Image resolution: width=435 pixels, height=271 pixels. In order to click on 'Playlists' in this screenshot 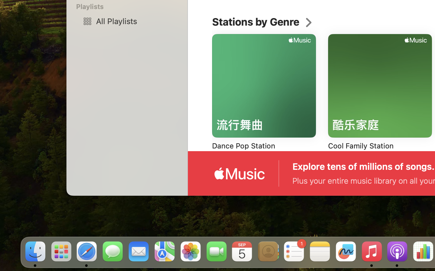, I will do `click(130, 6)`.